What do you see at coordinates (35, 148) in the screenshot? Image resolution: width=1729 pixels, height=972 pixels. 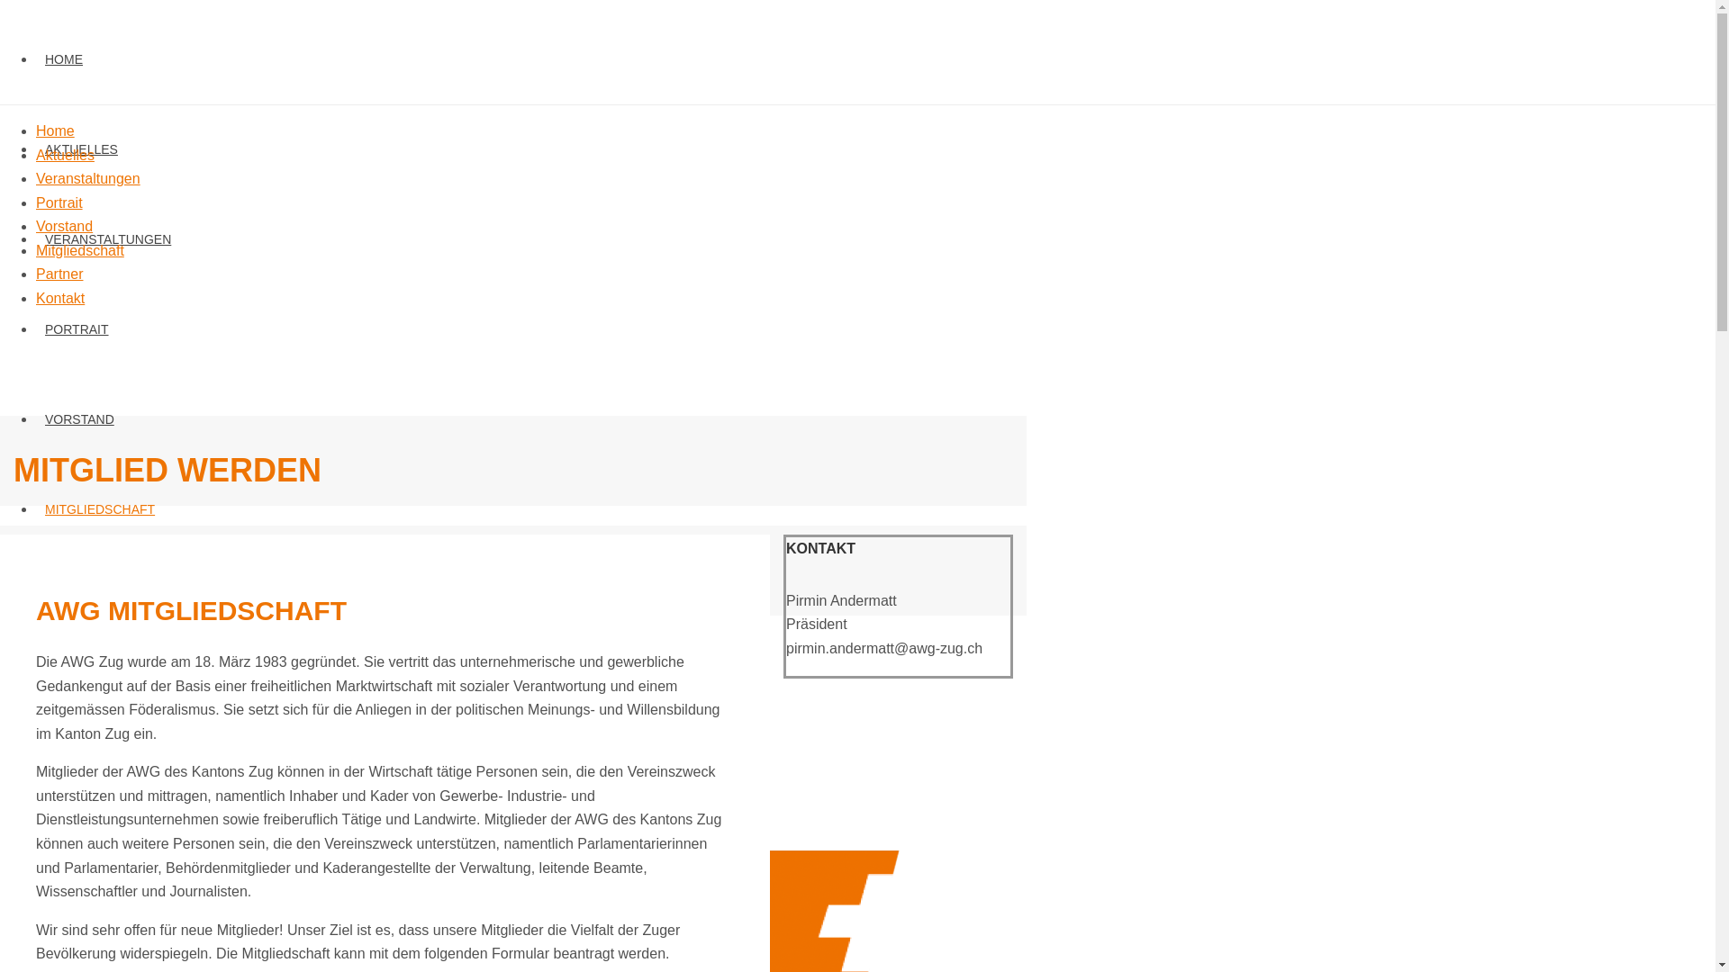 I see `'AKTUELLES'` at bounding box center [35, 148].